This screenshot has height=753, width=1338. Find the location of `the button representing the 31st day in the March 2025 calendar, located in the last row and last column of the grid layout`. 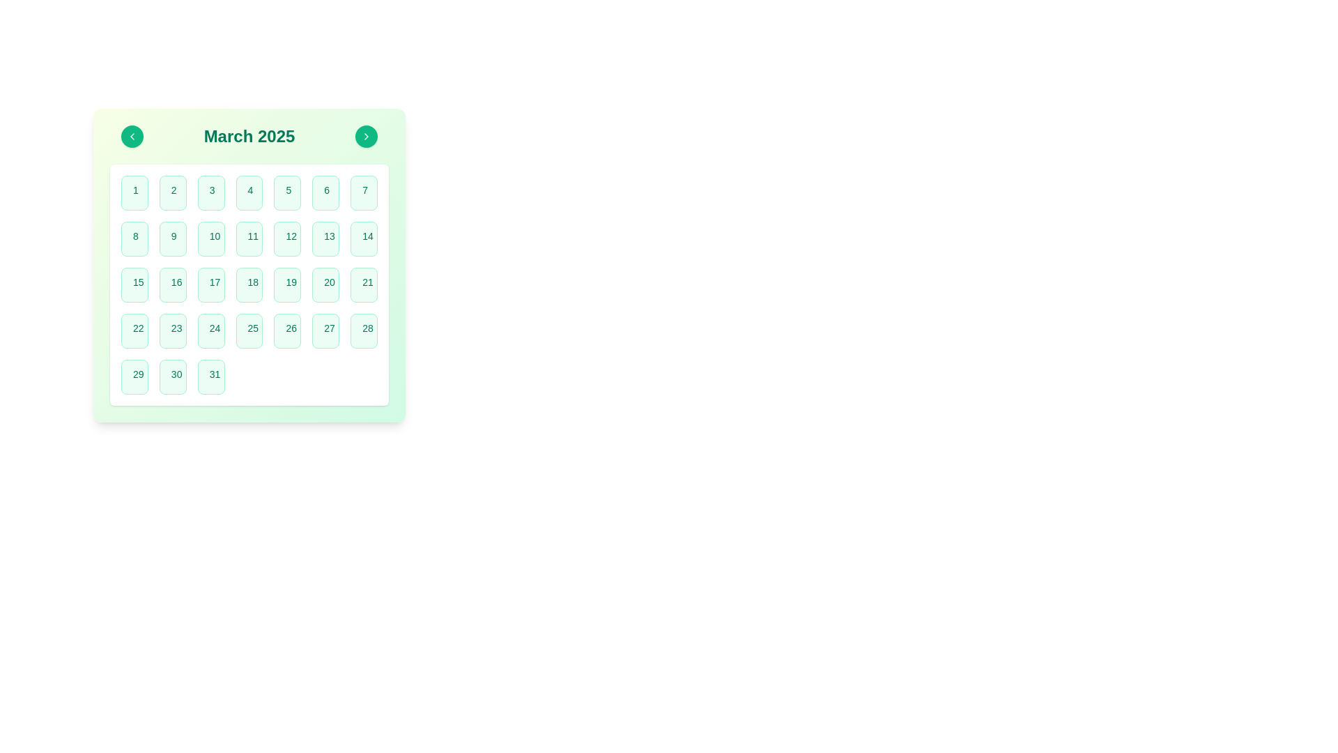

the button representing the 31st day in the March 2025 calendar, located in the last row and last column of the grid layout is located at coordinates (210, 376).